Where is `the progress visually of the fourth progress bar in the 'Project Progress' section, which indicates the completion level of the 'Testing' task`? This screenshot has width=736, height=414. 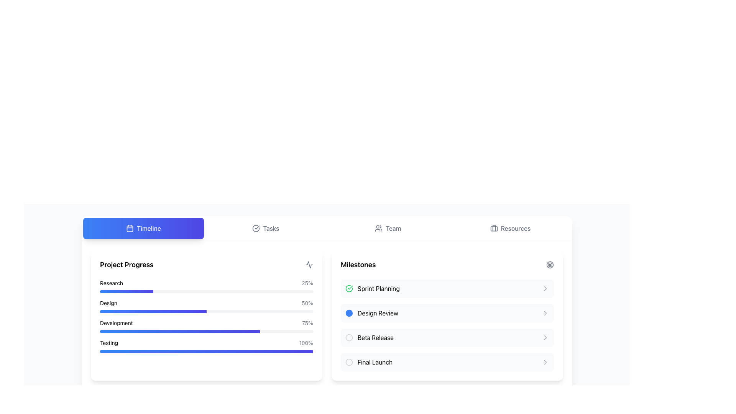 the progress visually of the fourth progress bar in the 'Project Progress' section, which indicates the completion level of the 'Testing' task is located at coordinates (206, 352).